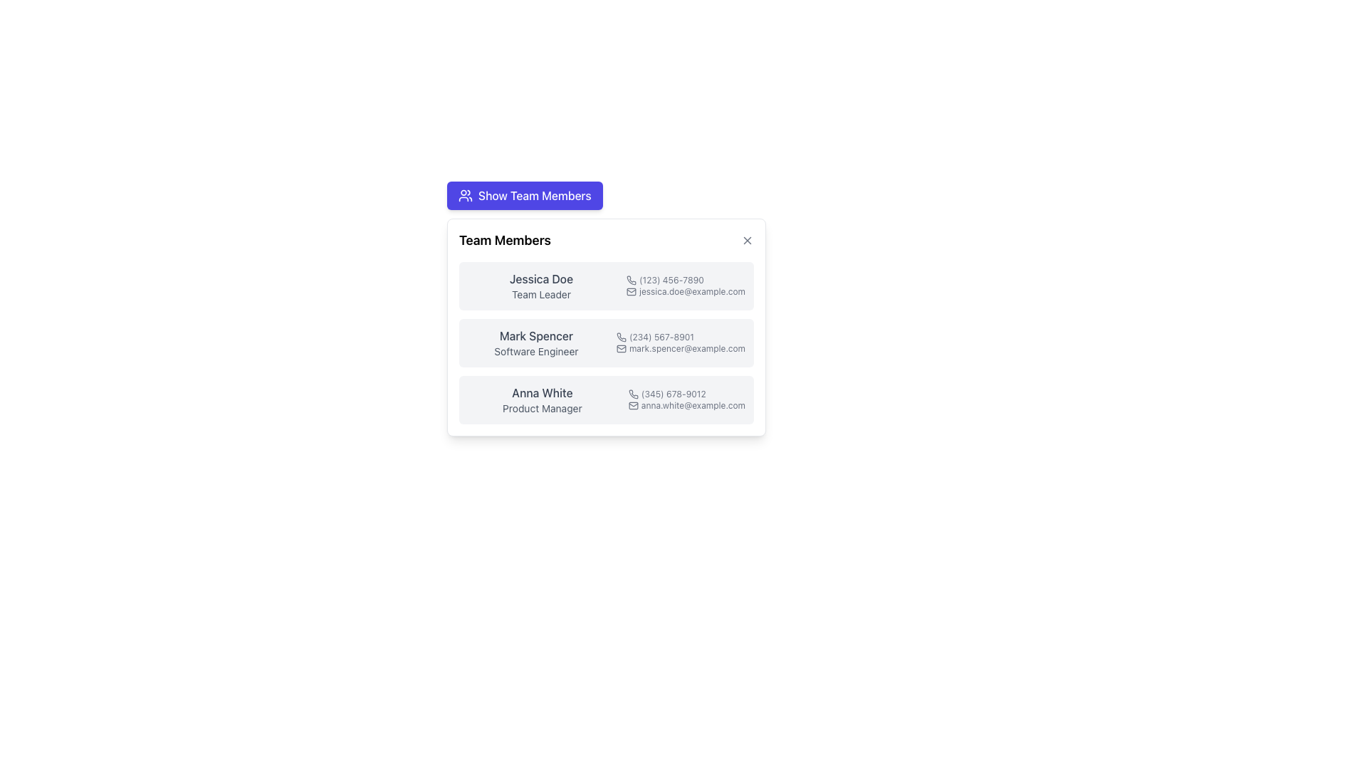 The height and width of the screenshot is (769, 1367). What do you see at coordinates (686, 400) in the screenshot?
I see `the email address in the Contact Information Section of Anna White's profile card` at bounding box center [686, 400].